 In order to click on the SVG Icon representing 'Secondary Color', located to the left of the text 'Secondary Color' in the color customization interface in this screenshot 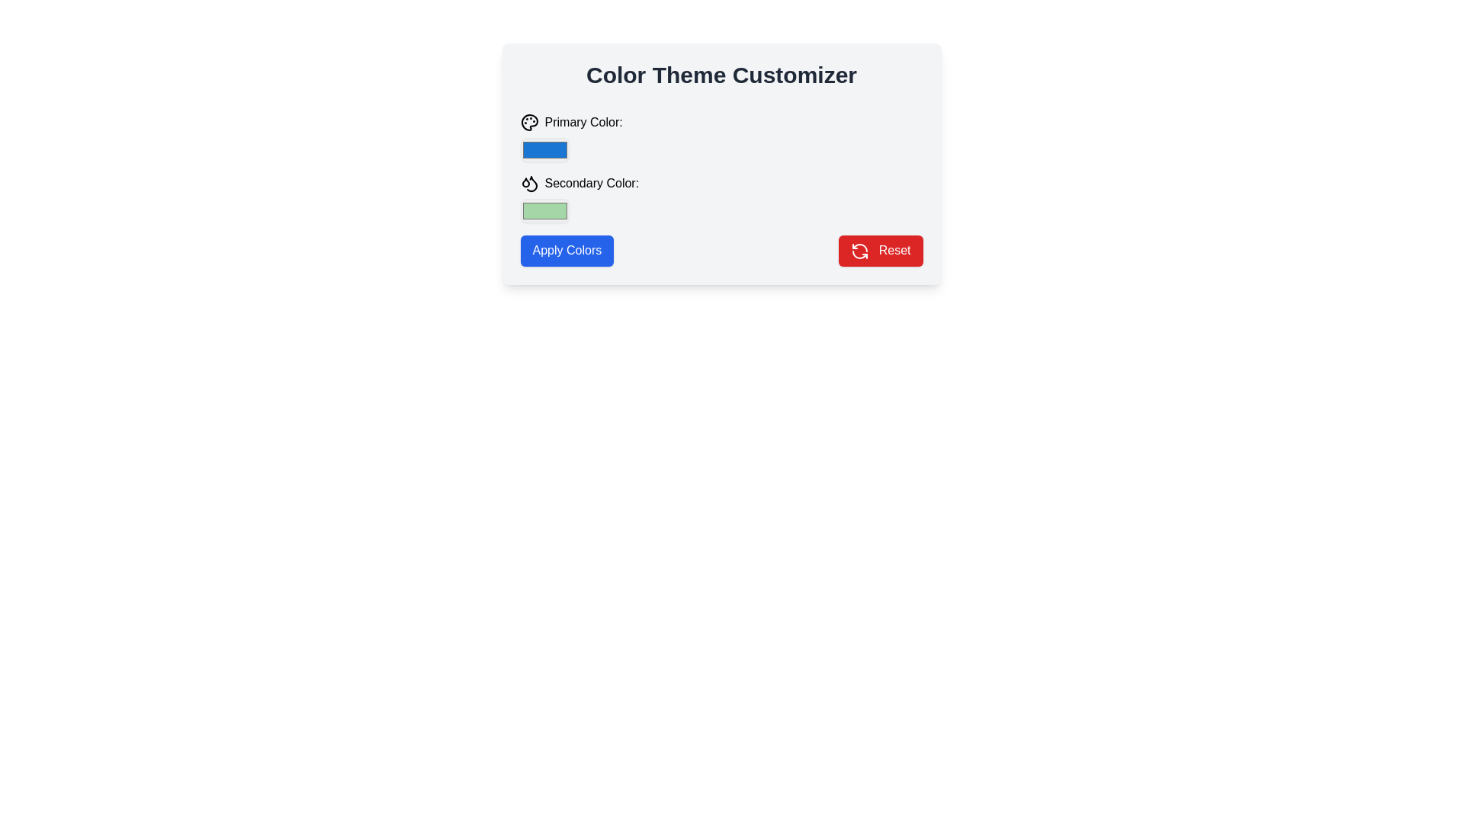, I will do `click(529, 182)`.